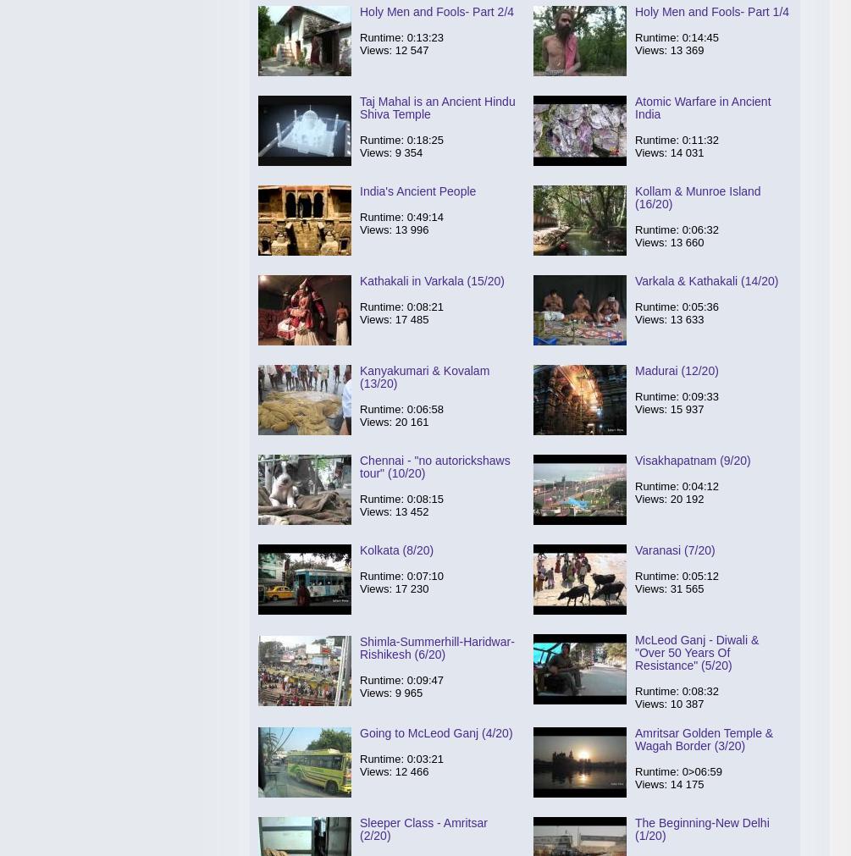  I want to click on '13 369', so click(687, 49).